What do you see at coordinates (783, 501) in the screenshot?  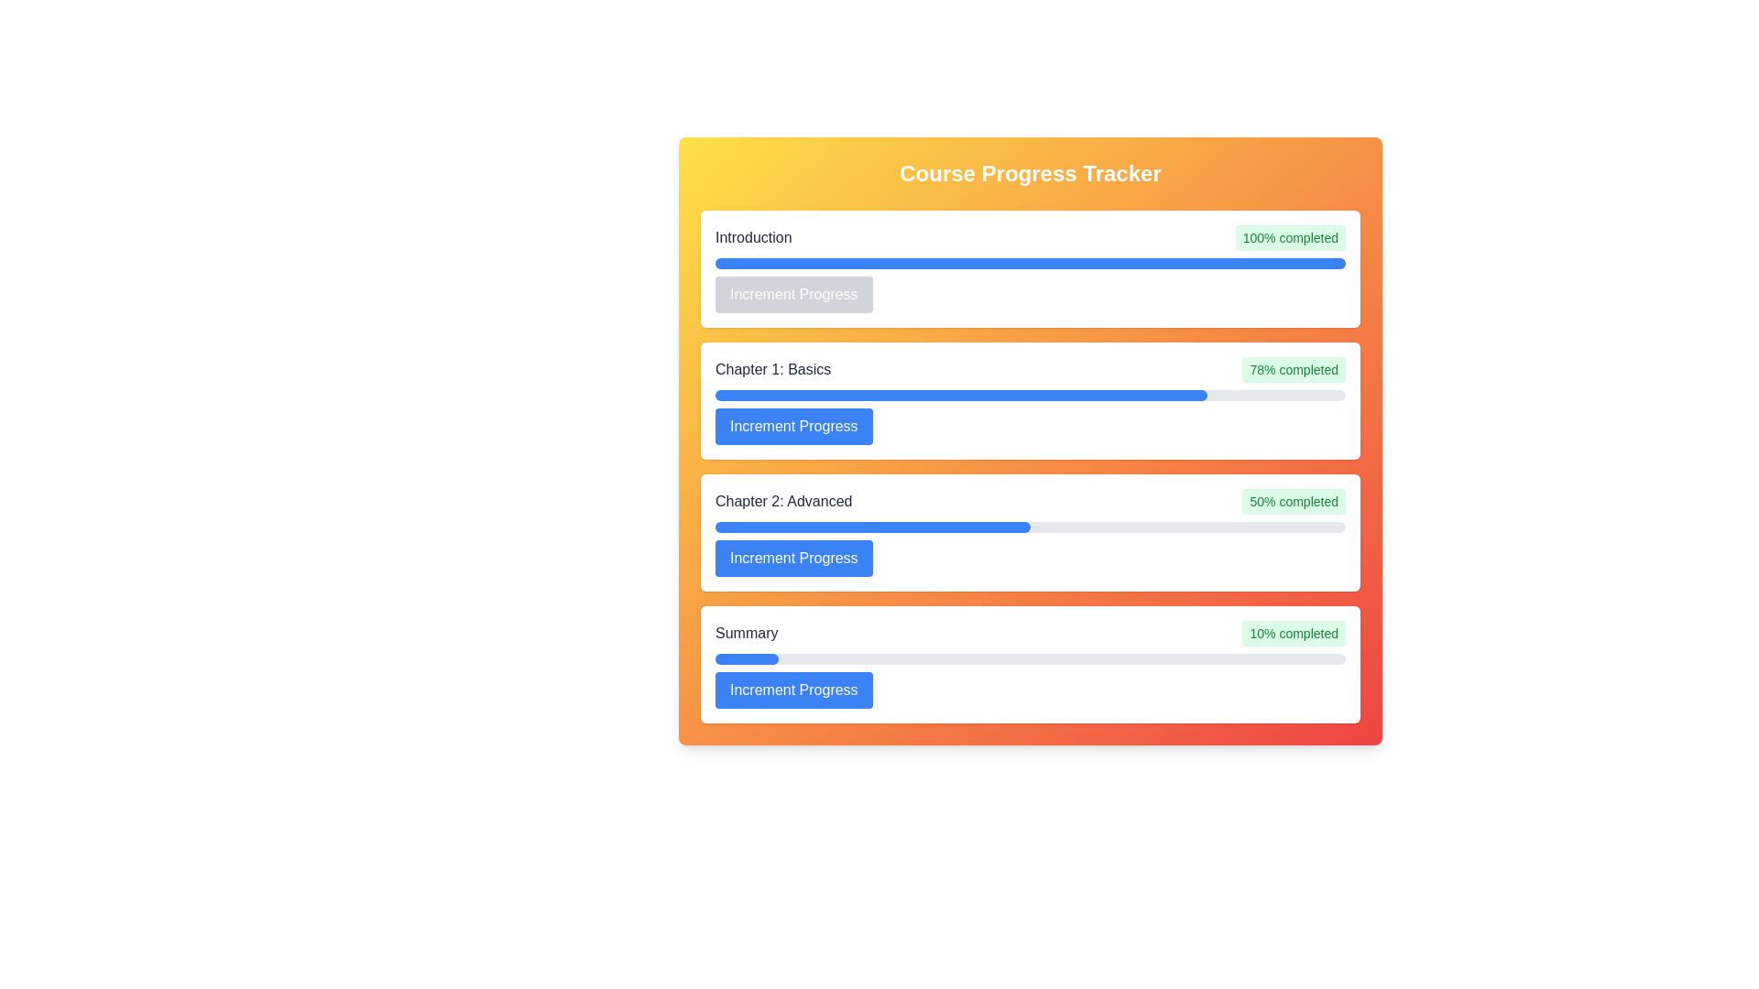 I see `and interpret the text content of the Text Label displaying 'Chapter 2: Advanced' in the third section of the progress tracker interface` at bounding box center [783, 501].